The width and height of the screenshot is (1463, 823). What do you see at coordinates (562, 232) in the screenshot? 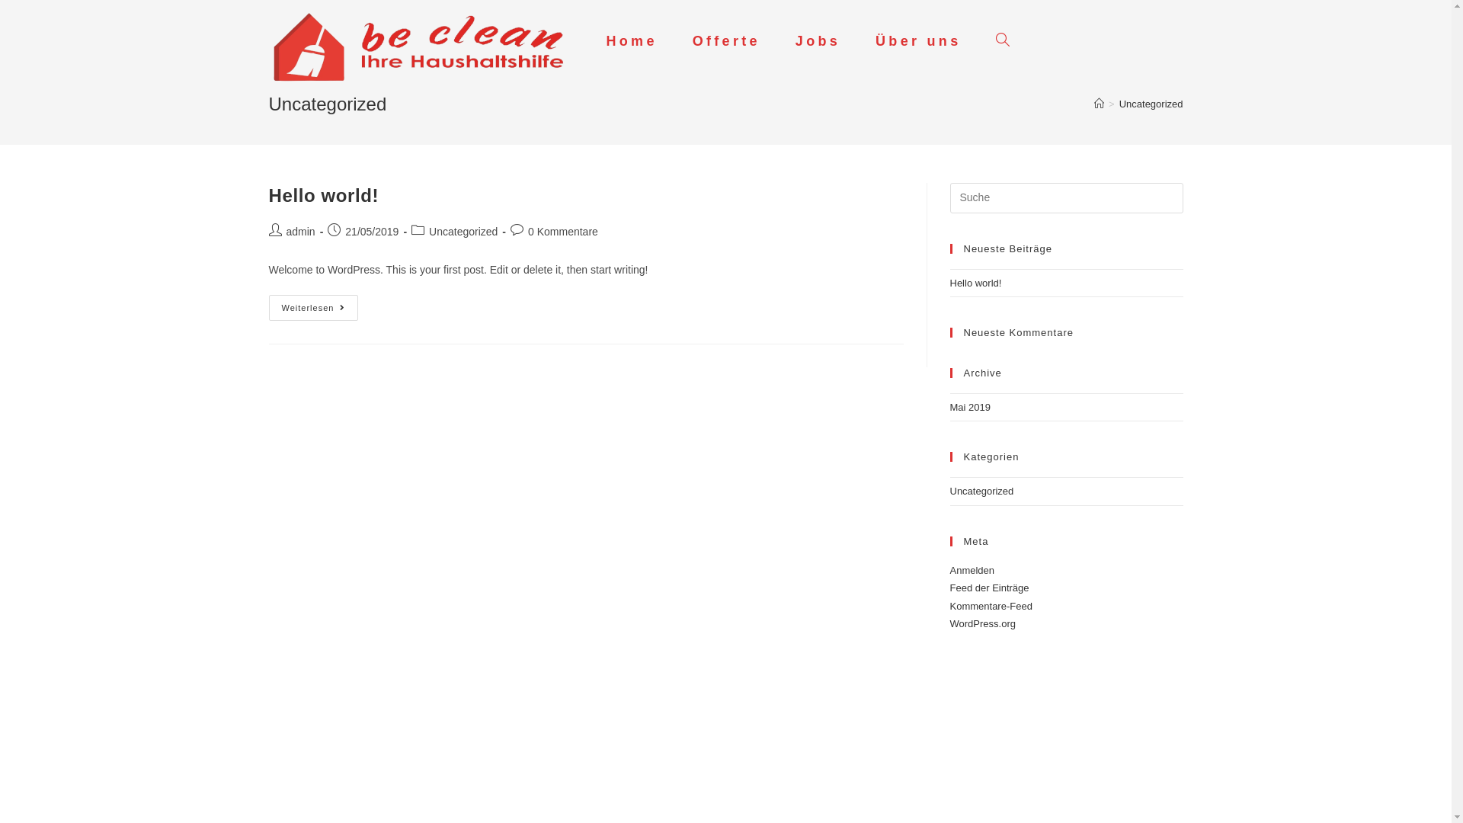
I see `'0 Kommentare'` at bounding box center [562, 232].